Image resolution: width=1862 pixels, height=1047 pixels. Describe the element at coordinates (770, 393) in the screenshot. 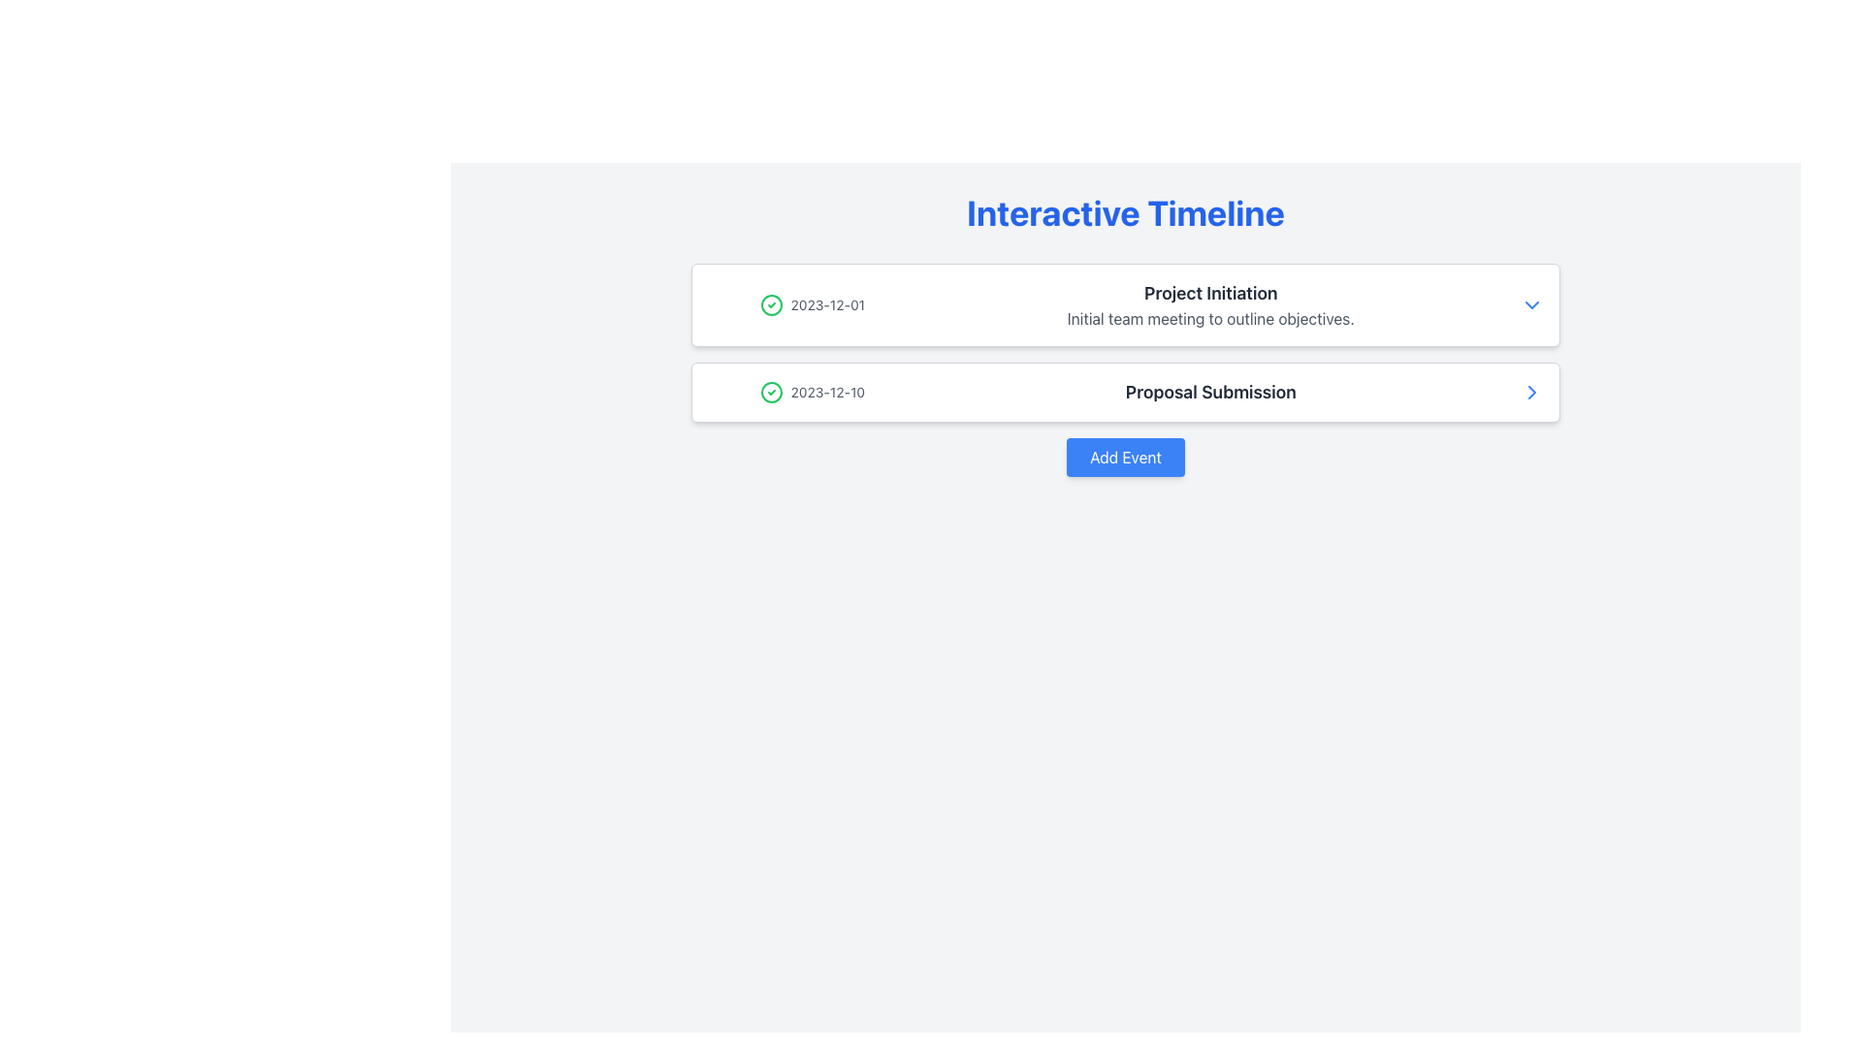

I see `the green circular checkmark icon representing a completed status in the timeline interface for the '2023-12-01 Project Initiation' row` at that location.